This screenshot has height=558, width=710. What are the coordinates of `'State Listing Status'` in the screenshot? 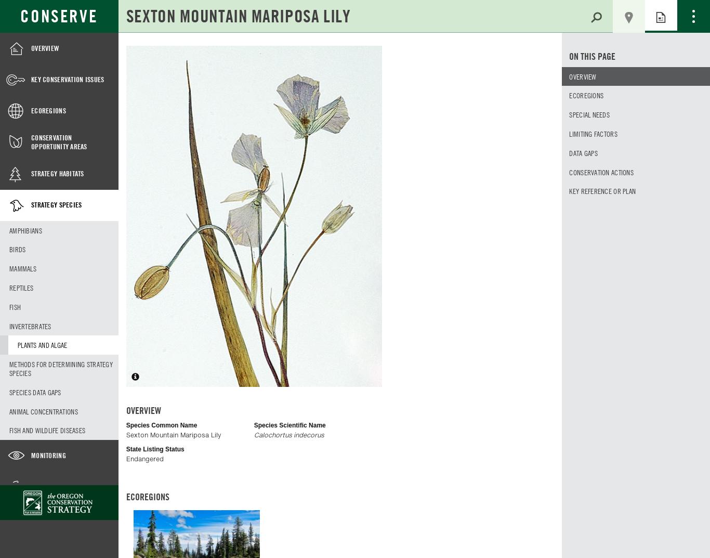 It's located at (126, 448).